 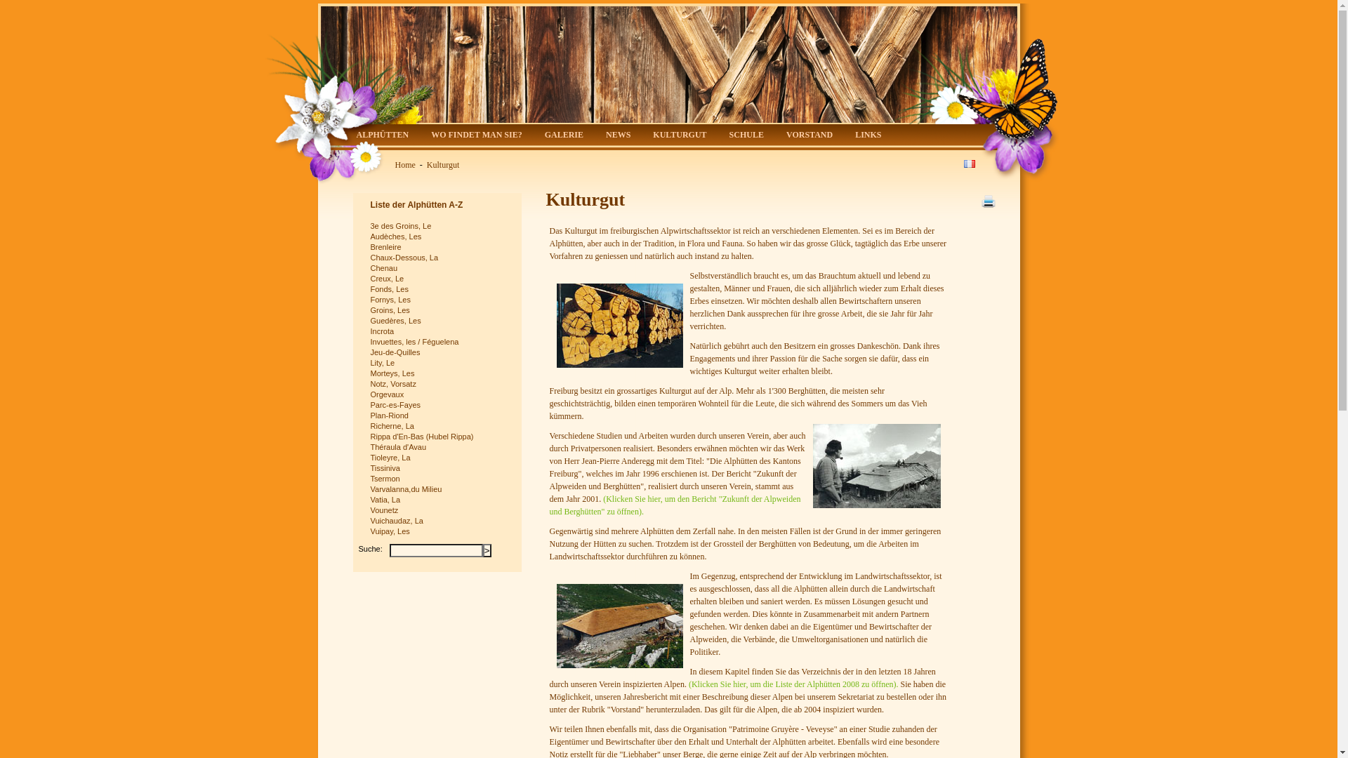 I want to click on 'Groins, Les', so click(x=438, y=310).